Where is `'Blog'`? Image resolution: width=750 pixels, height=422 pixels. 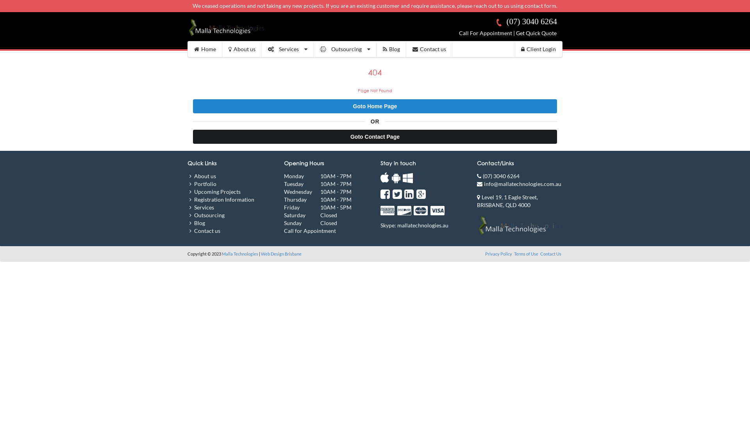
'Blog' is located at coordinates (391, 49).